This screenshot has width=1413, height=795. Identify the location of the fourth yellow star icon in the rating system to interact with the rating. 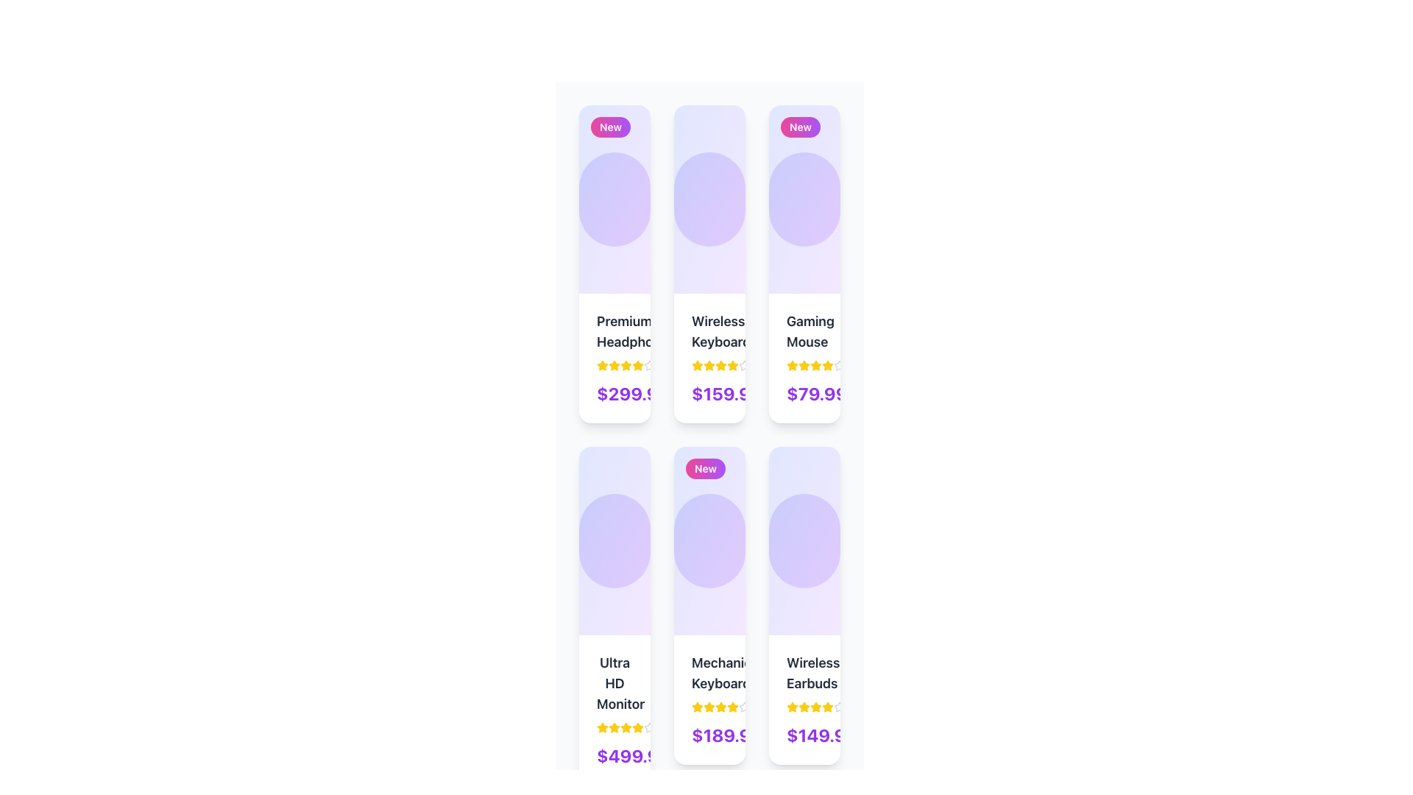
(626, 365).